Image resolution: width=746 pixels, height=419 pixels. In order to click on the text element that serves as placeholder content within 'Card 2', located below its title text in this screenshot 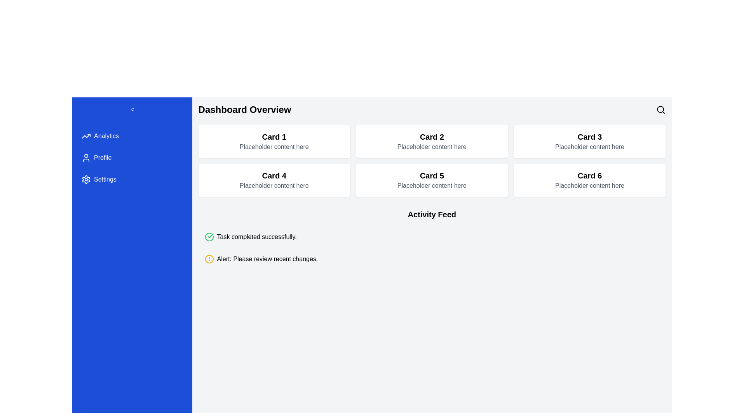, I will do `click(431, 147)`.